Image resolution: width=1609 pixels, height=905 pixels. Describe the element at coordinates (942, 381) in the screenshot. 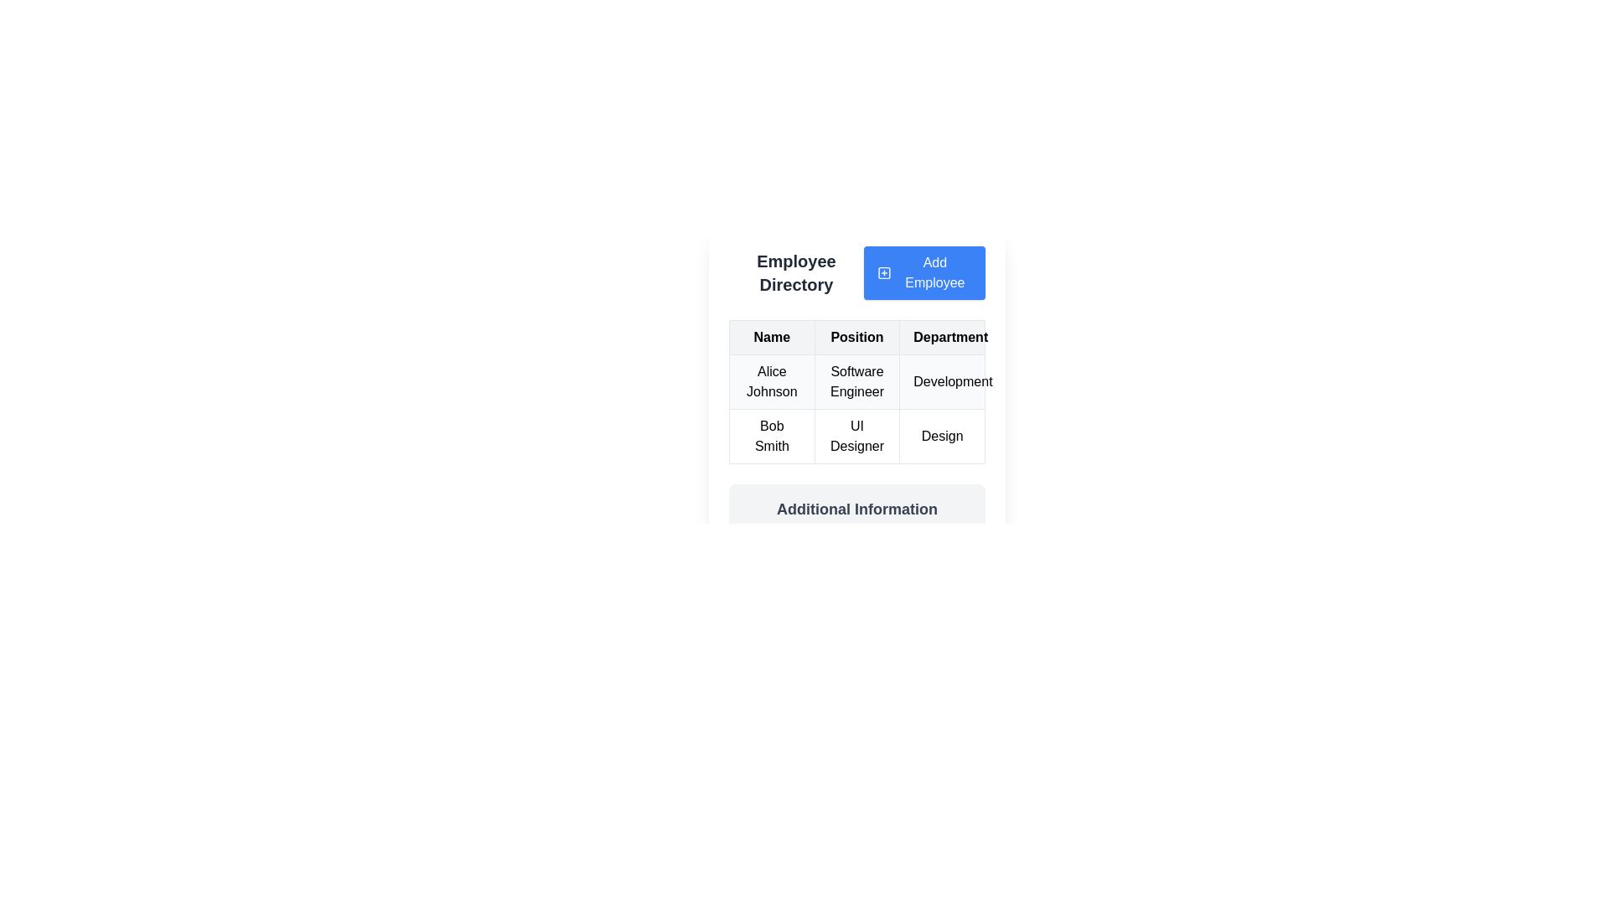

I see `static text 'Development' located in the third cell of the first row under the 'Department' column of the table` at that location.